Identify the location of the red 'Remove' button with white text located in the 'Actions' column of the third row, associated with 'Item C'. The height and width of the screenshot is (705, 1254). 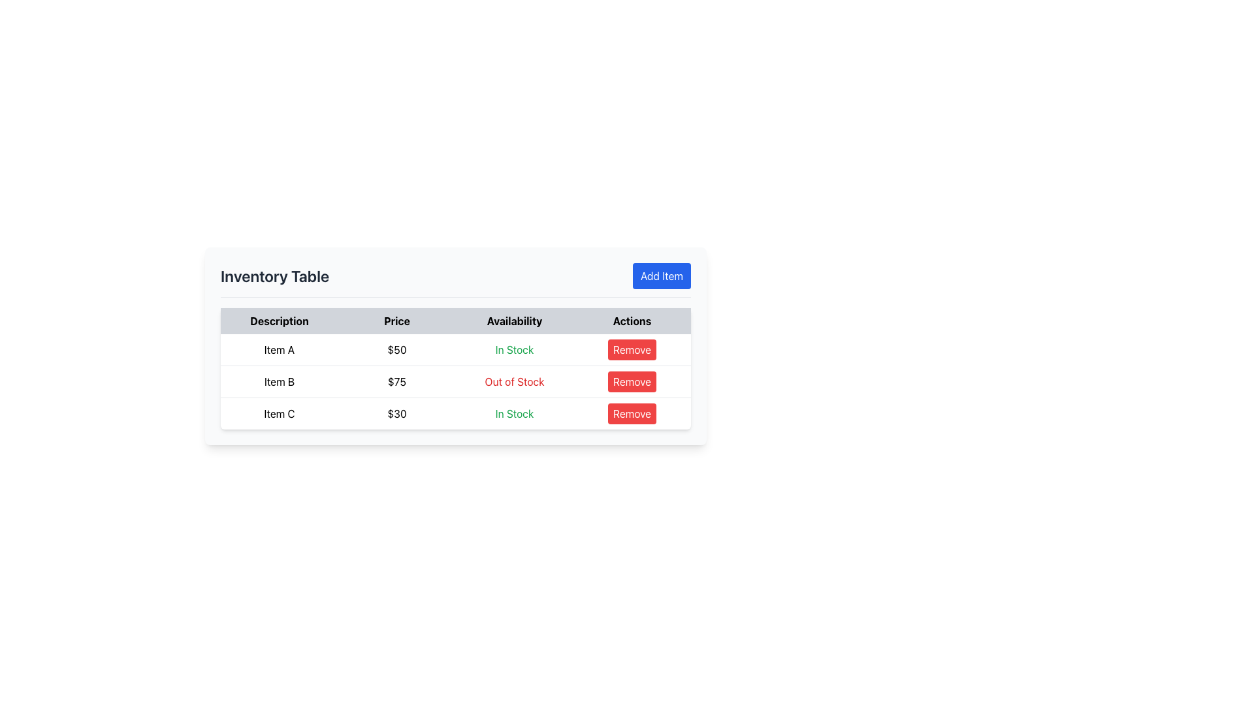
(632, 349).